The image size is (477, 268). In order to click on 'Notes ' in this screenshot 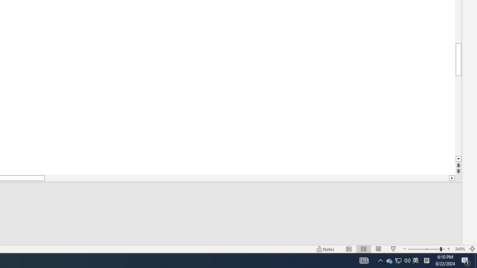, I will do `click(326, 249)`.